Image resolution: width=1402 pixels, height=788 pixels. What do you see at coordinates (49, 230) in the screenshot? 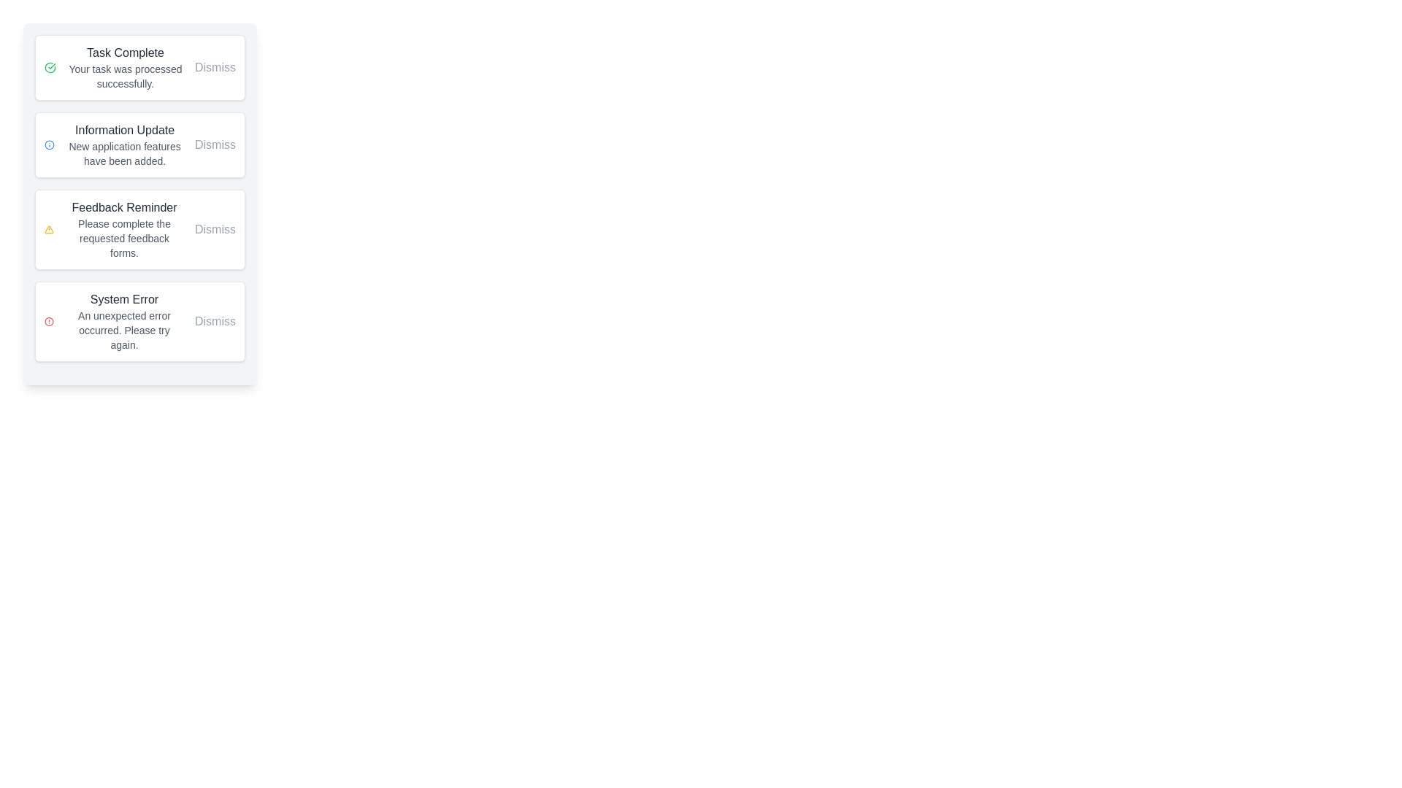
I see `the warning icon related to the 'Feedback Reminder' notification by moving the cursor to its center point` at bounding box center [49, 230].